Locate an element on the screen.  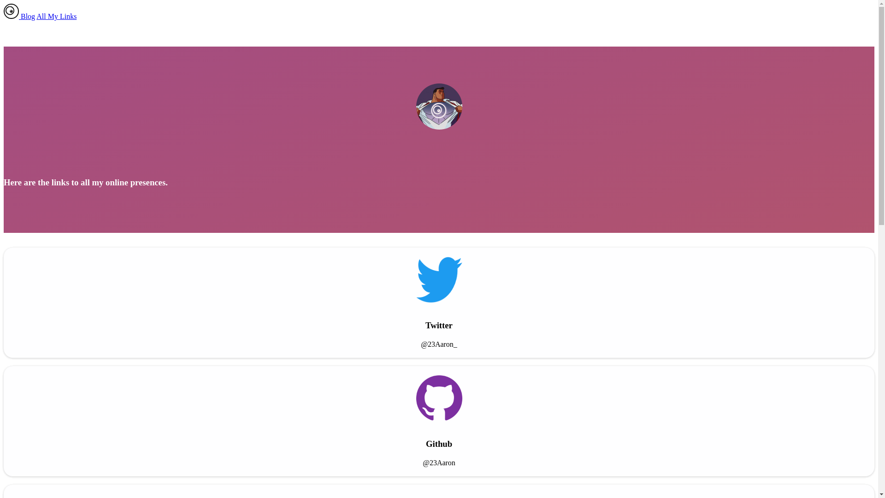
'All My Links' is located at coordinates (56, 16).